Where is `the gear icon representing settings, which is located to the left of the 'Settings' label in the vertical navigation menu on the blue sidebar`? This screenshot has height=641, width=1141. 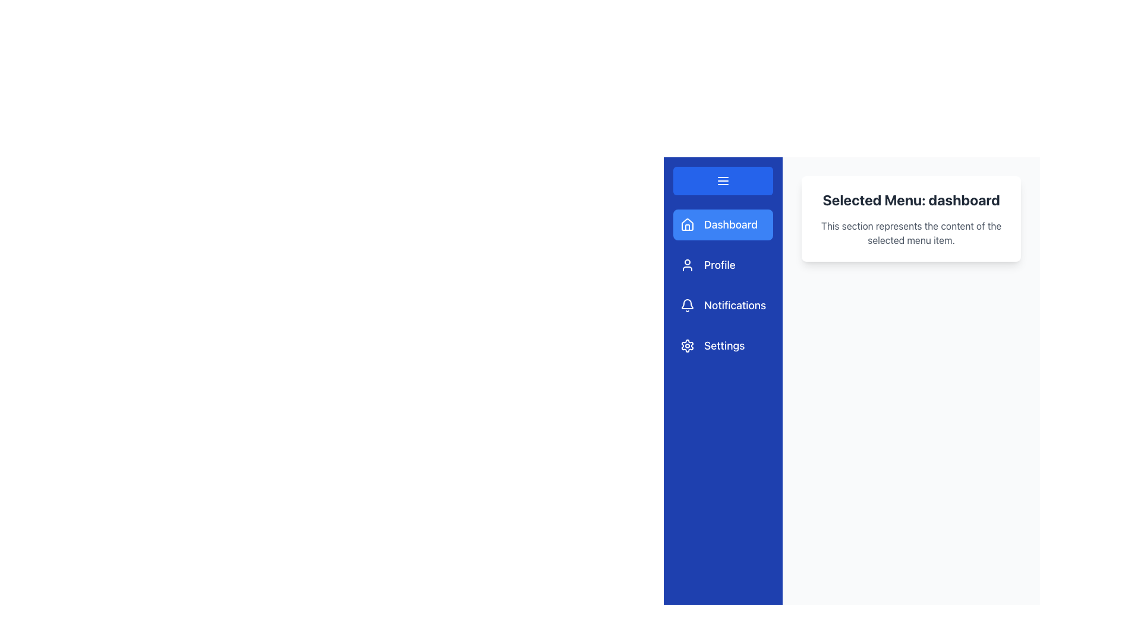 the gear icon representing settings, which is located to the left of the 'Settings' label in the vertical navigation menu on the blue sidebar is located at coordinates (687, 345).